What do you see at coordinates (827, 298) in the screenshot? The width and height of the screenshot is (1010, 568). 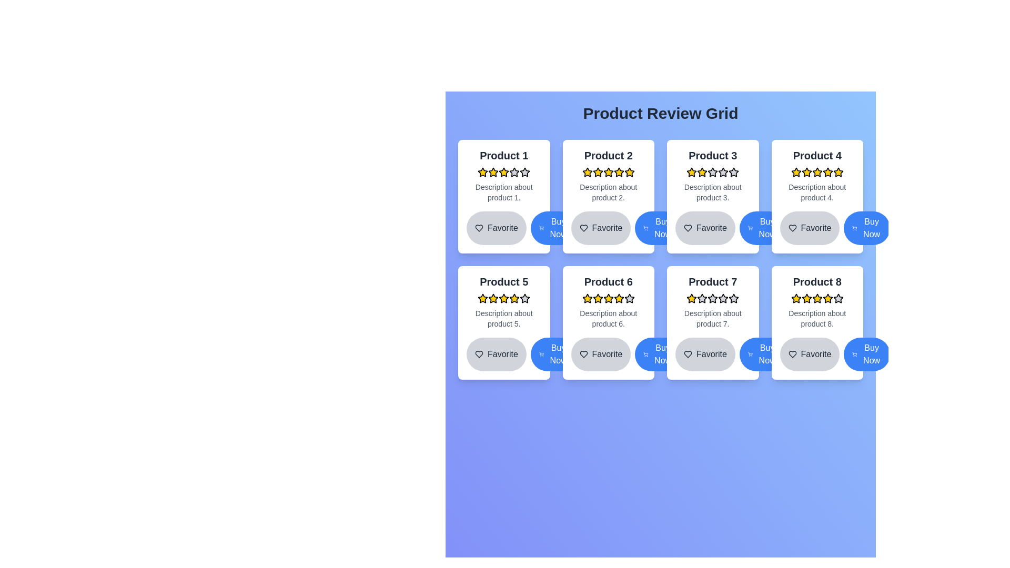 I see `the third star in the rating system of Product 8` at bounding box center [827, 298].